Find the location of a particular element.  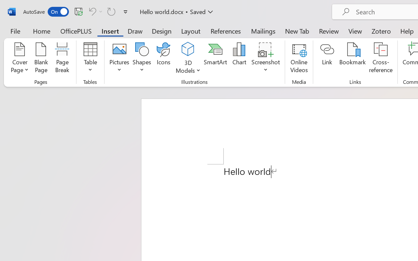

'Shapes' is located at coordinates (142, 58).